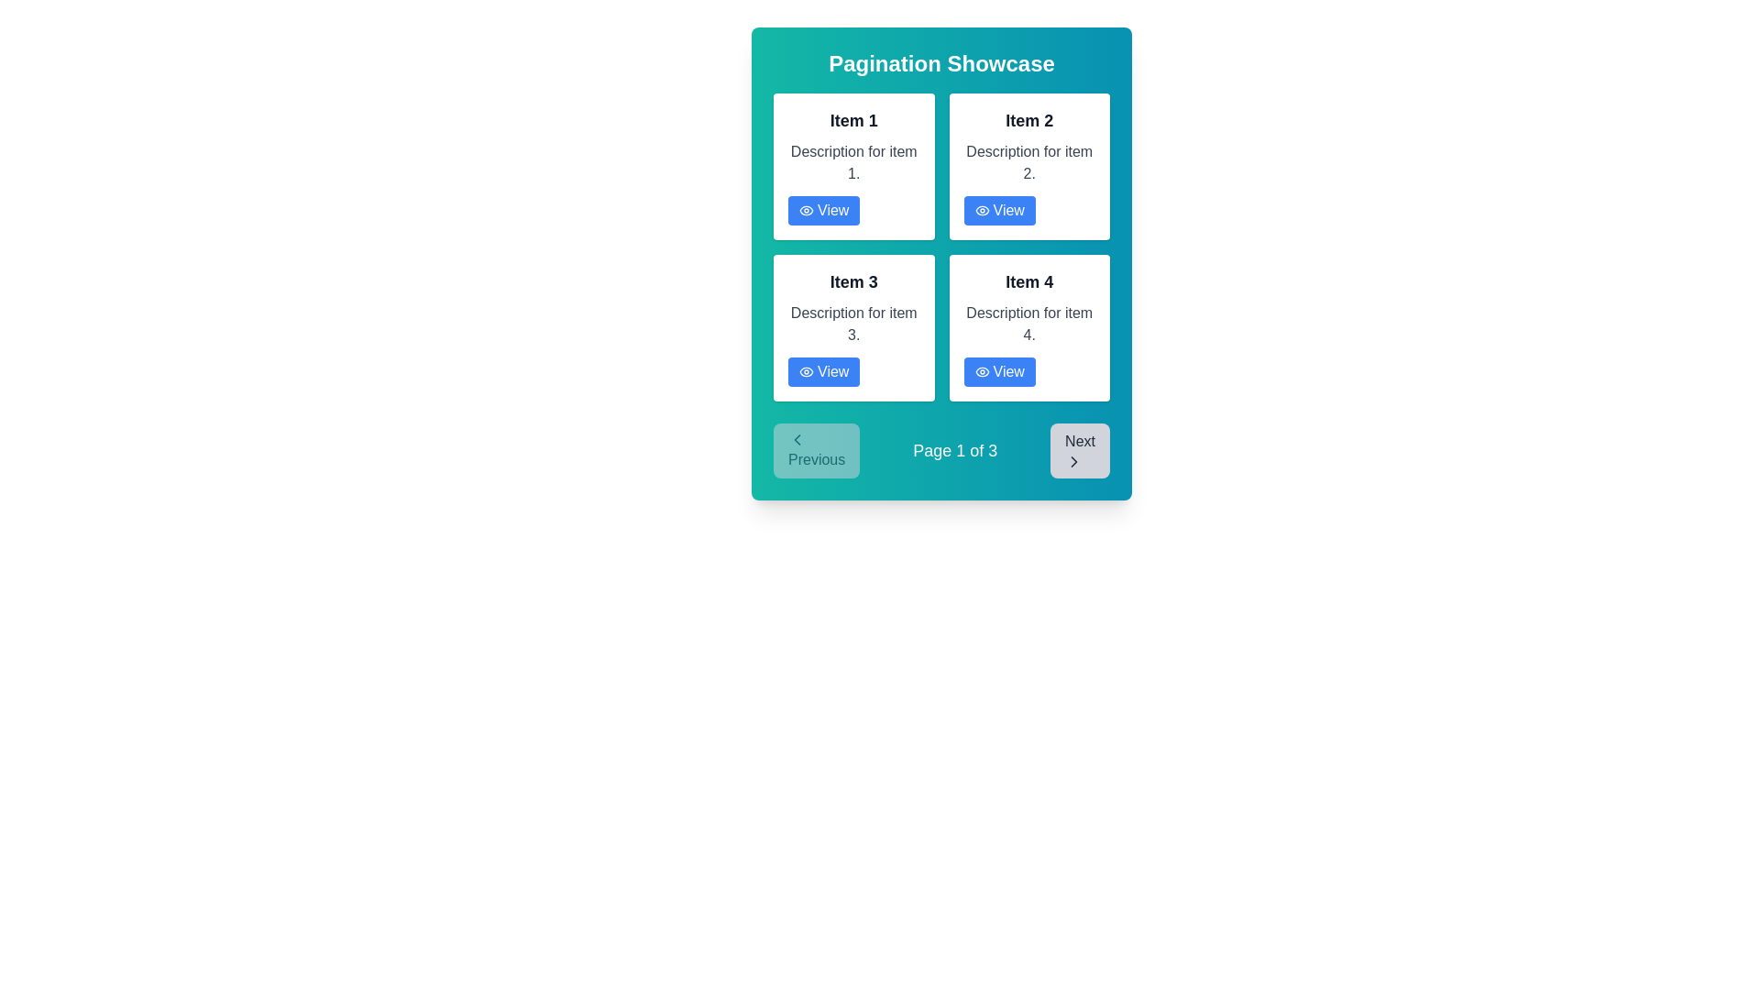 Image resolution: width=1760 pixels, height=990 pixels. Describe the element at coordinates (797, 439) in the screenshot. I see `the 'Previous' icon in the pagination component, which is visually represented by an SVG graphic and is located within the 'Previous' button at the lower-left corner of the pagination interface` at that location.